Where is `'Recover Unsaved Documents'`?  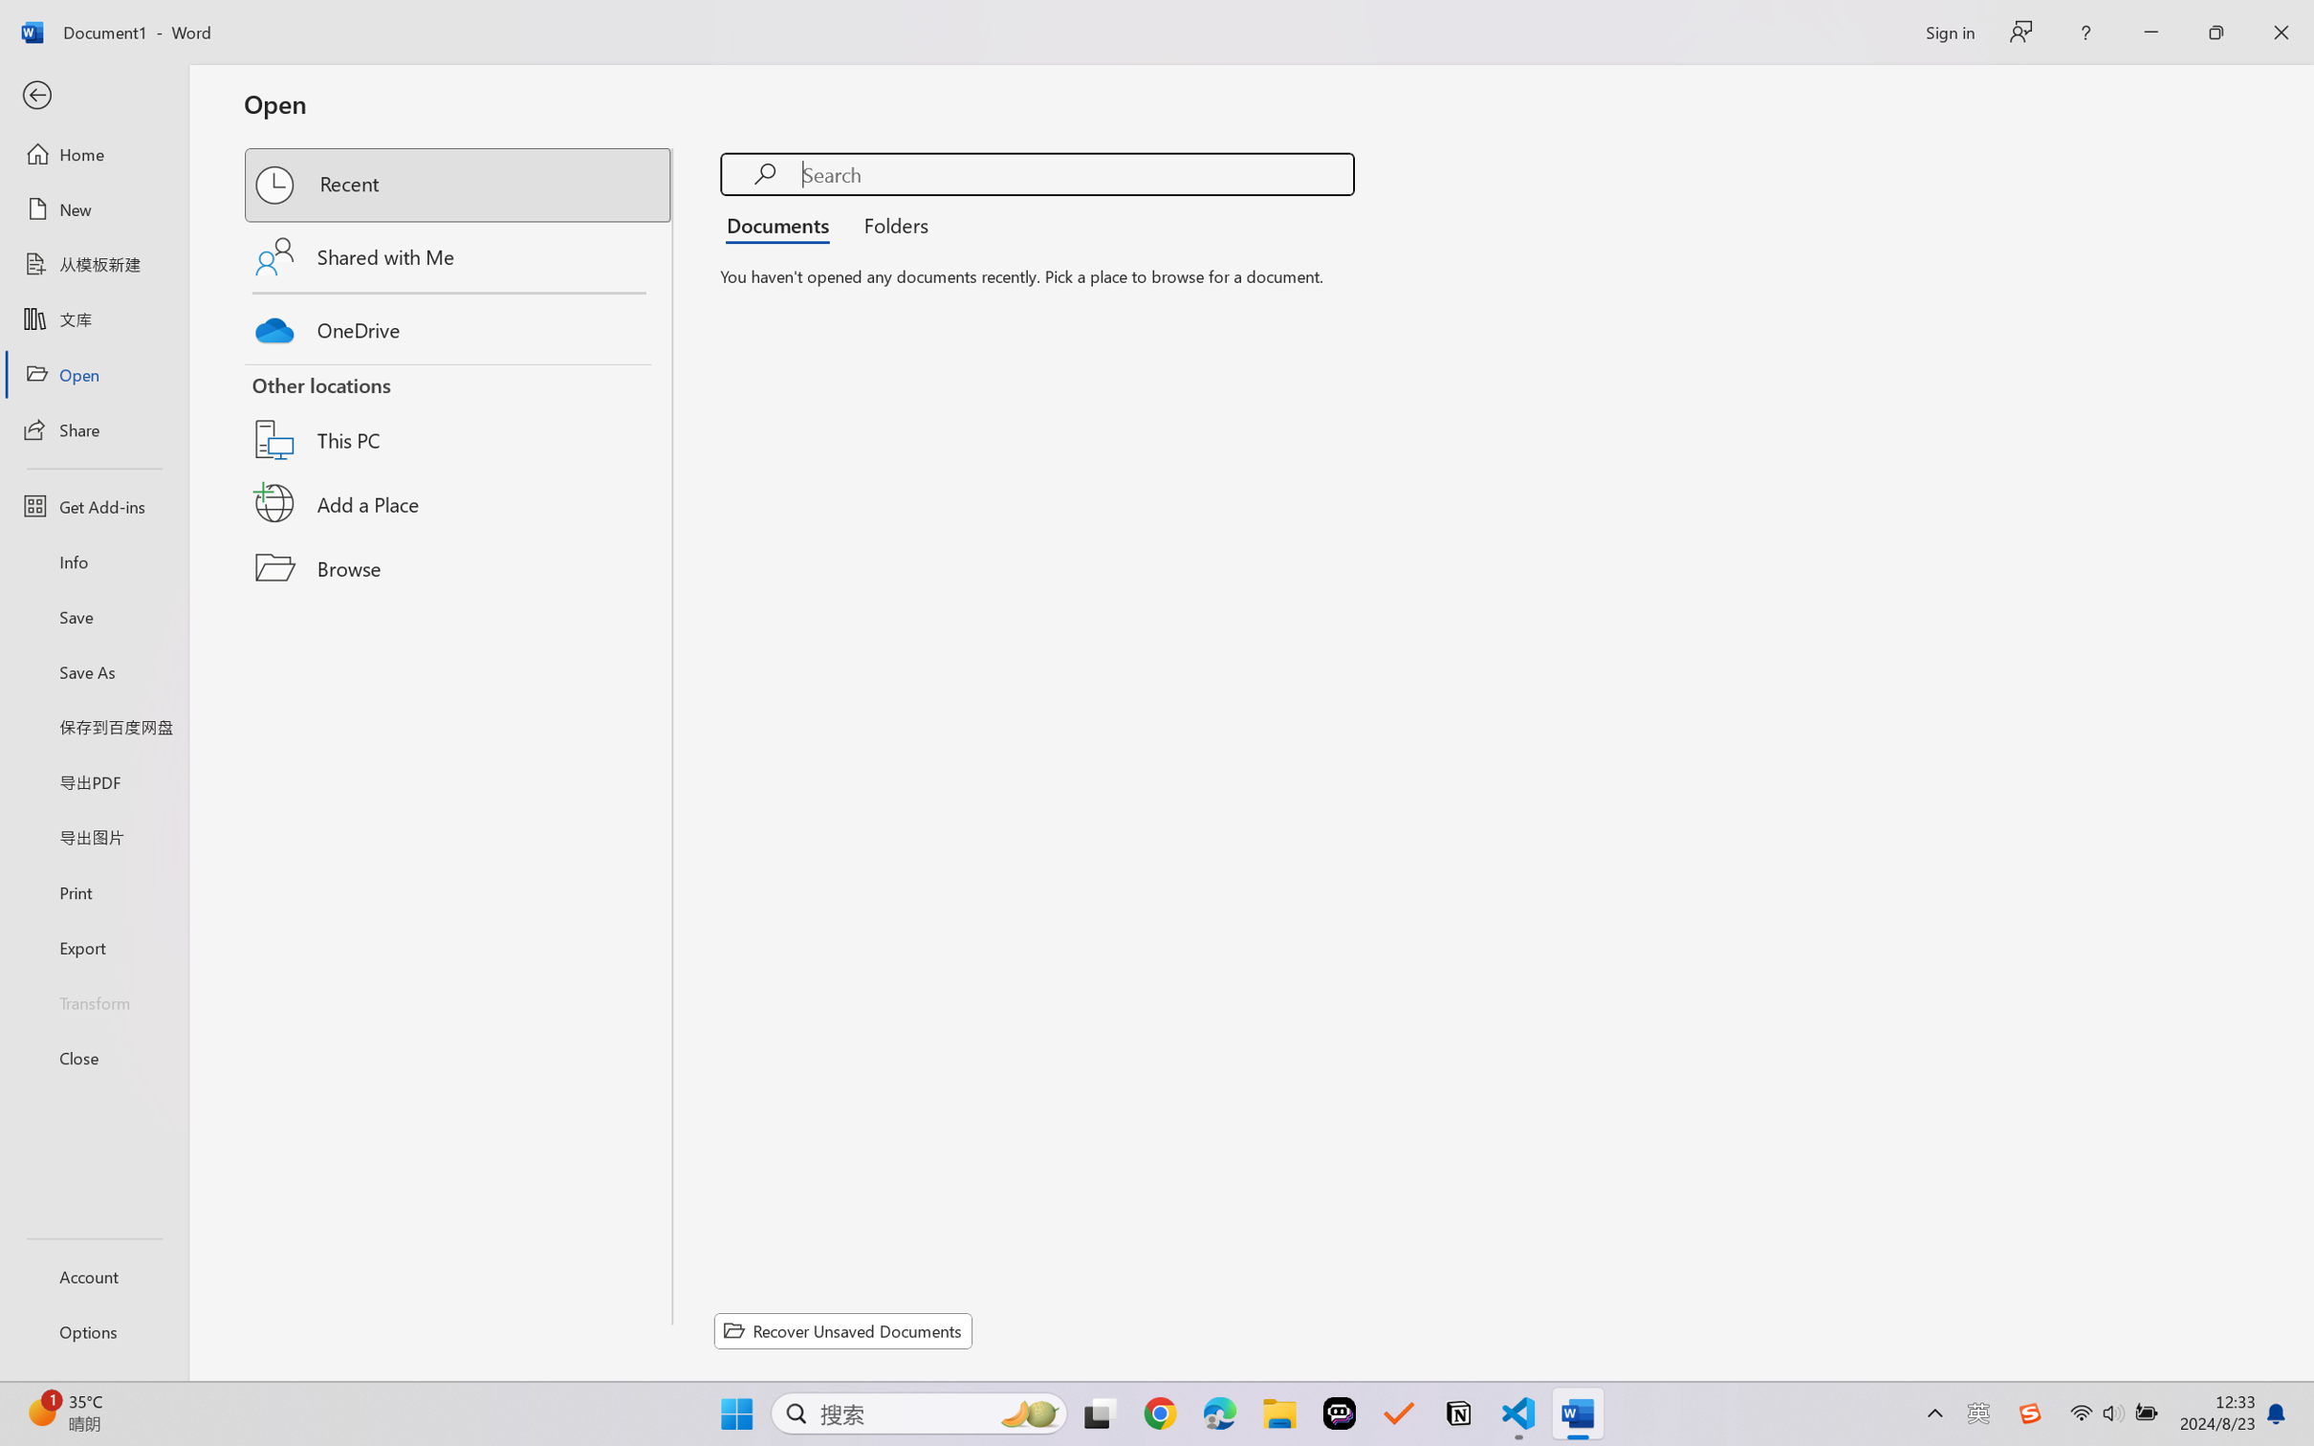
'Recover Unsaved Documents' is located at coordinates (843, 1330).